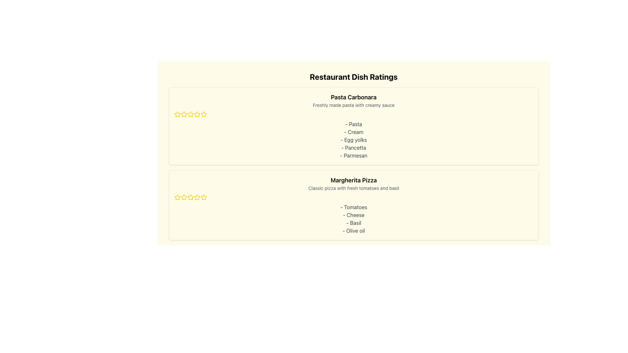 The image size is (628, 353). I want to click on the second clickable star in the rating control for the 'Pasta Carbonara' dish, which is a yellow outlined star icon in a row of five stars, so click(197, 114).